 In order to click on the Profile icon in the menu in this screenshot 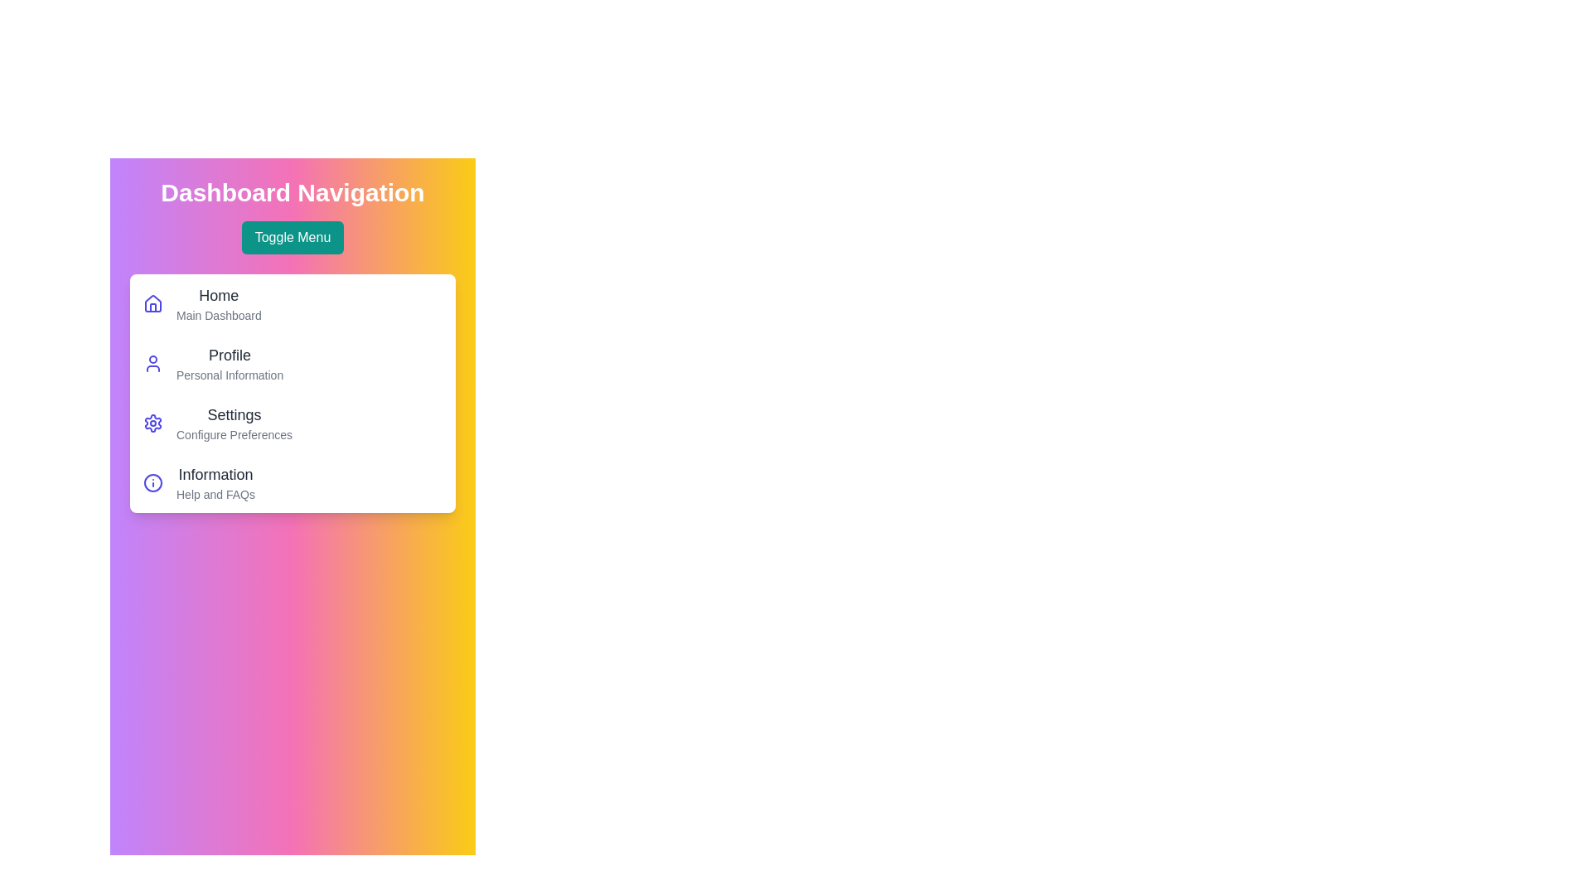, I will do `click(153, 363)`.